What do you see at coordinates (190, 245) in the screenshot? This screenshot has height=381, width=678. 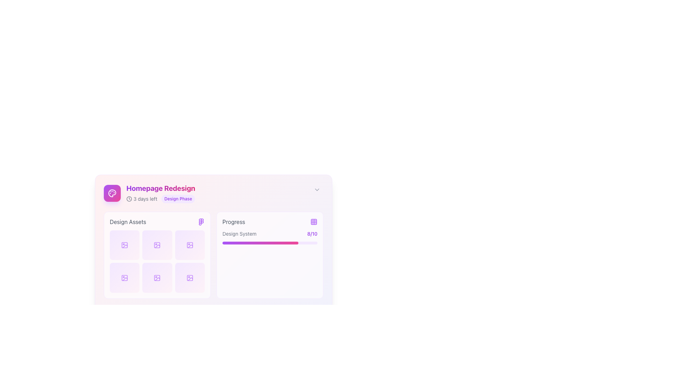 I see `the small square icon with a color gradient background transitioning between light purple and pink shades, featuring a rectangular border and an embedded purple picture frame symbol, located` at bounding box center [190, 245].